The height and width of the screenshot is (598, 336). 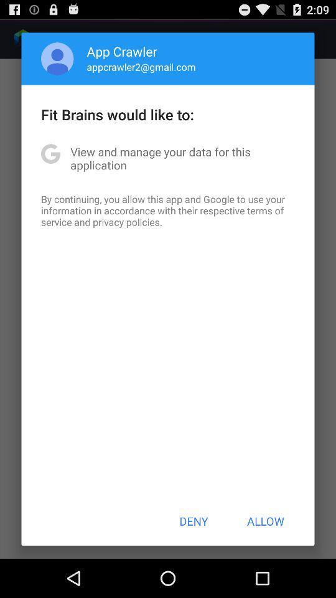 What do you see at coordinates (194, 521) in the screenshot?
I see `the item below by continuing you icon` at bounding box center [194, 521].